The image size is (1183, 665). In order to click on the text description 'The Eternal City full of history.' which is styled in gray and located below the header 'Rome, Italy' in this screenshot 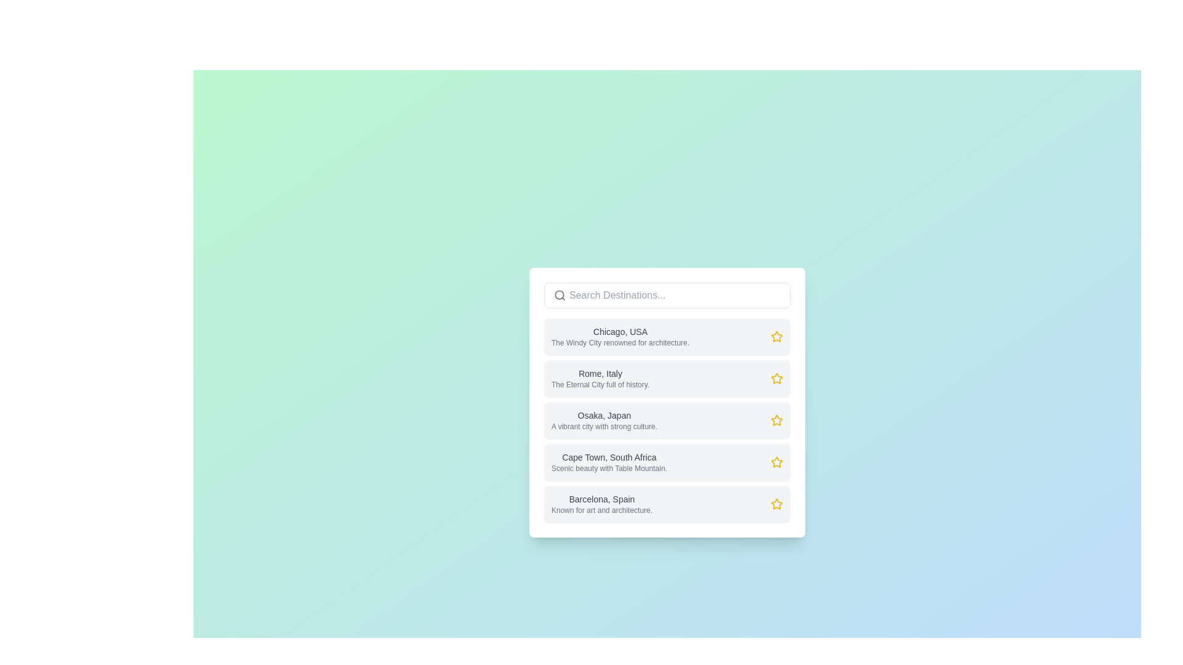, I will do `click(600, 384)`.